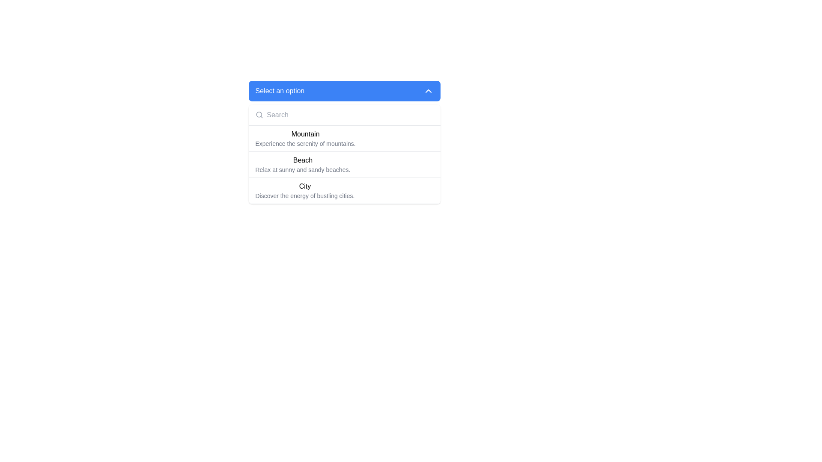 This screenshot has height=462, width=822. I want to click on the dropdown indicator icon, so click(428, 91).